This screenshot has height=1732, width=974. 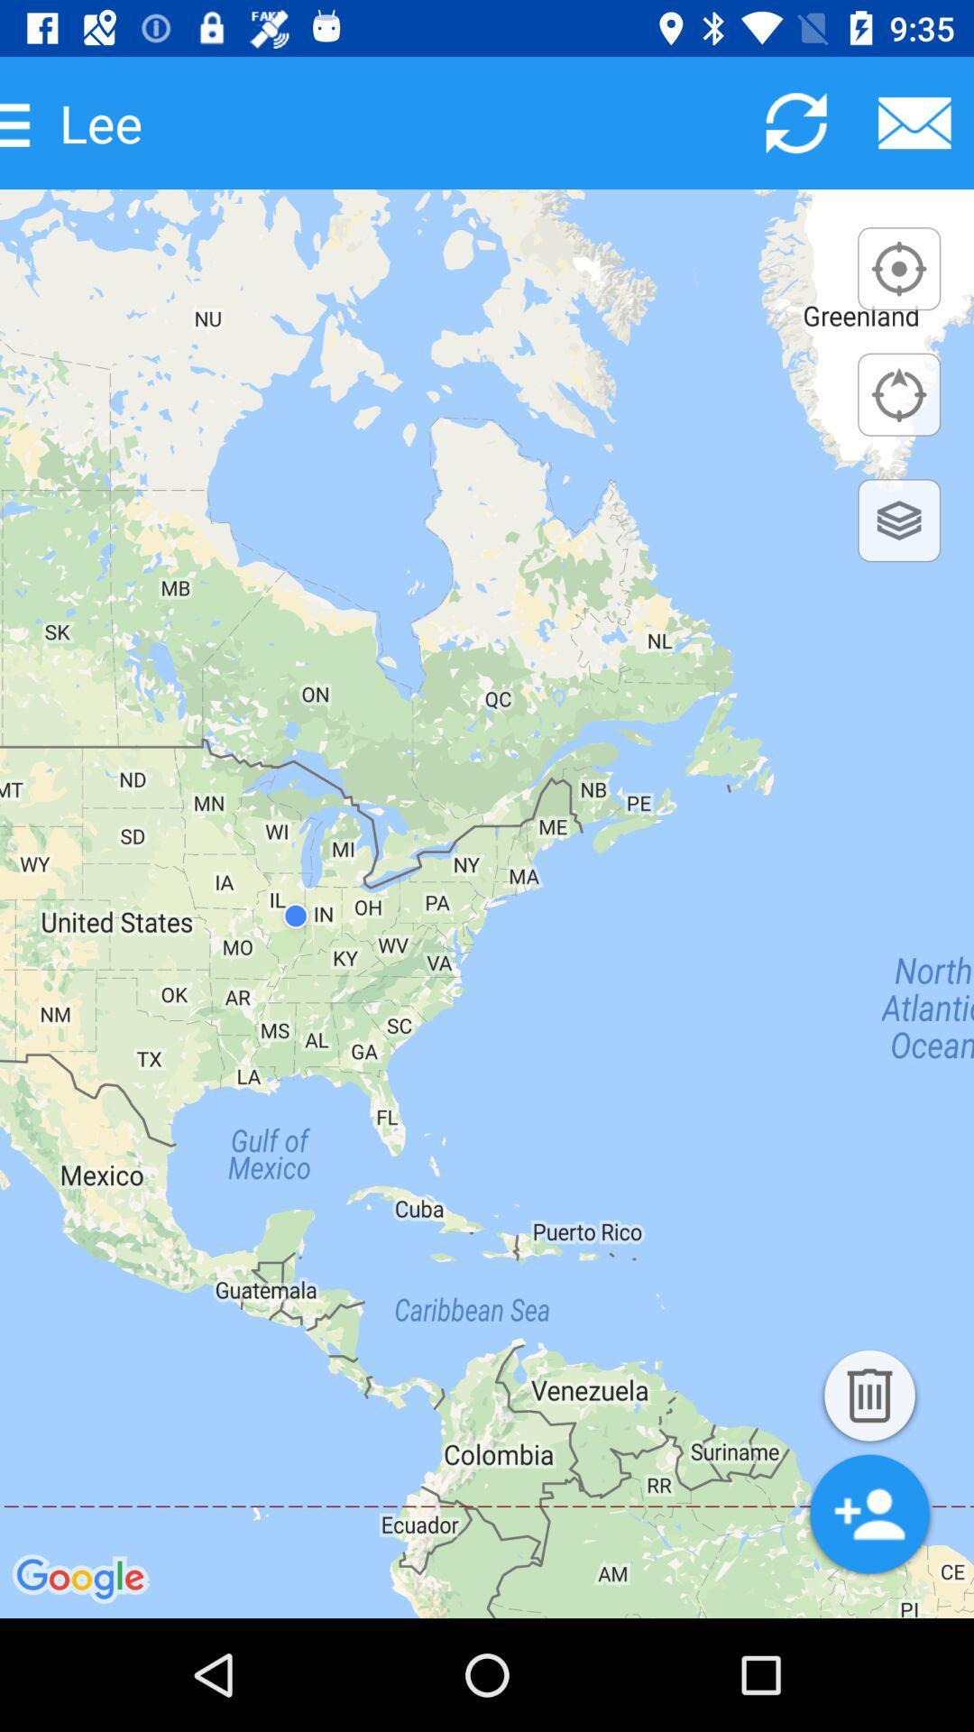 I want to click on send mail, so click(x=914, y=122).